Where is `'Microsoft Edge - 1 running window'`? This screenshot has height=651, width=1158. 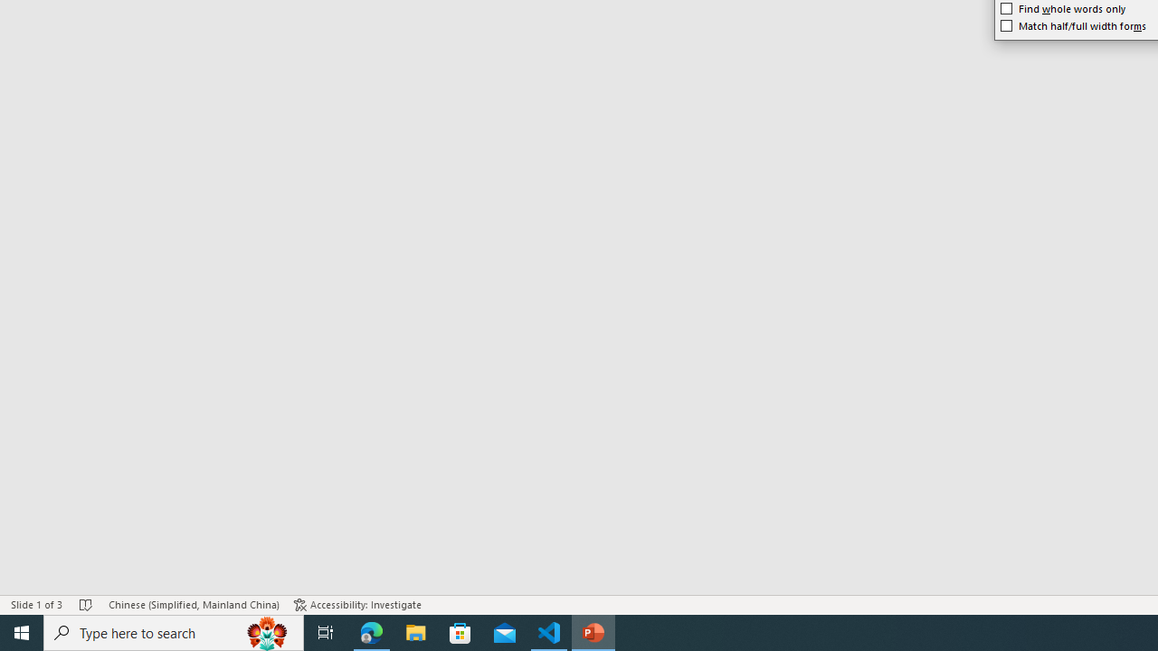 'Microsoft Edge - 1 running window' is located at coordinates (371, 631).